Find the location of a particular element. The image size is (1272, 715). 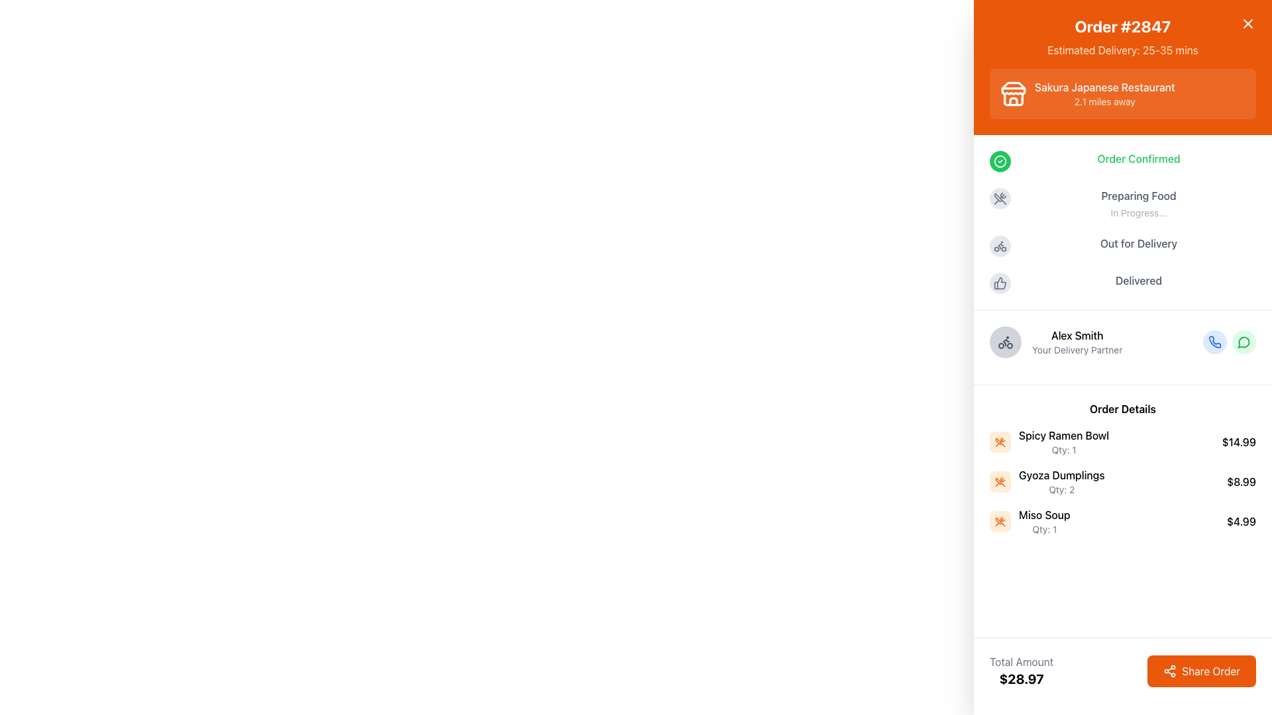

status text of the 'Out for Delivery' item in the progress tracker, which is the third item in a vertical list of status indicators is located at coordinates (1122, 246).